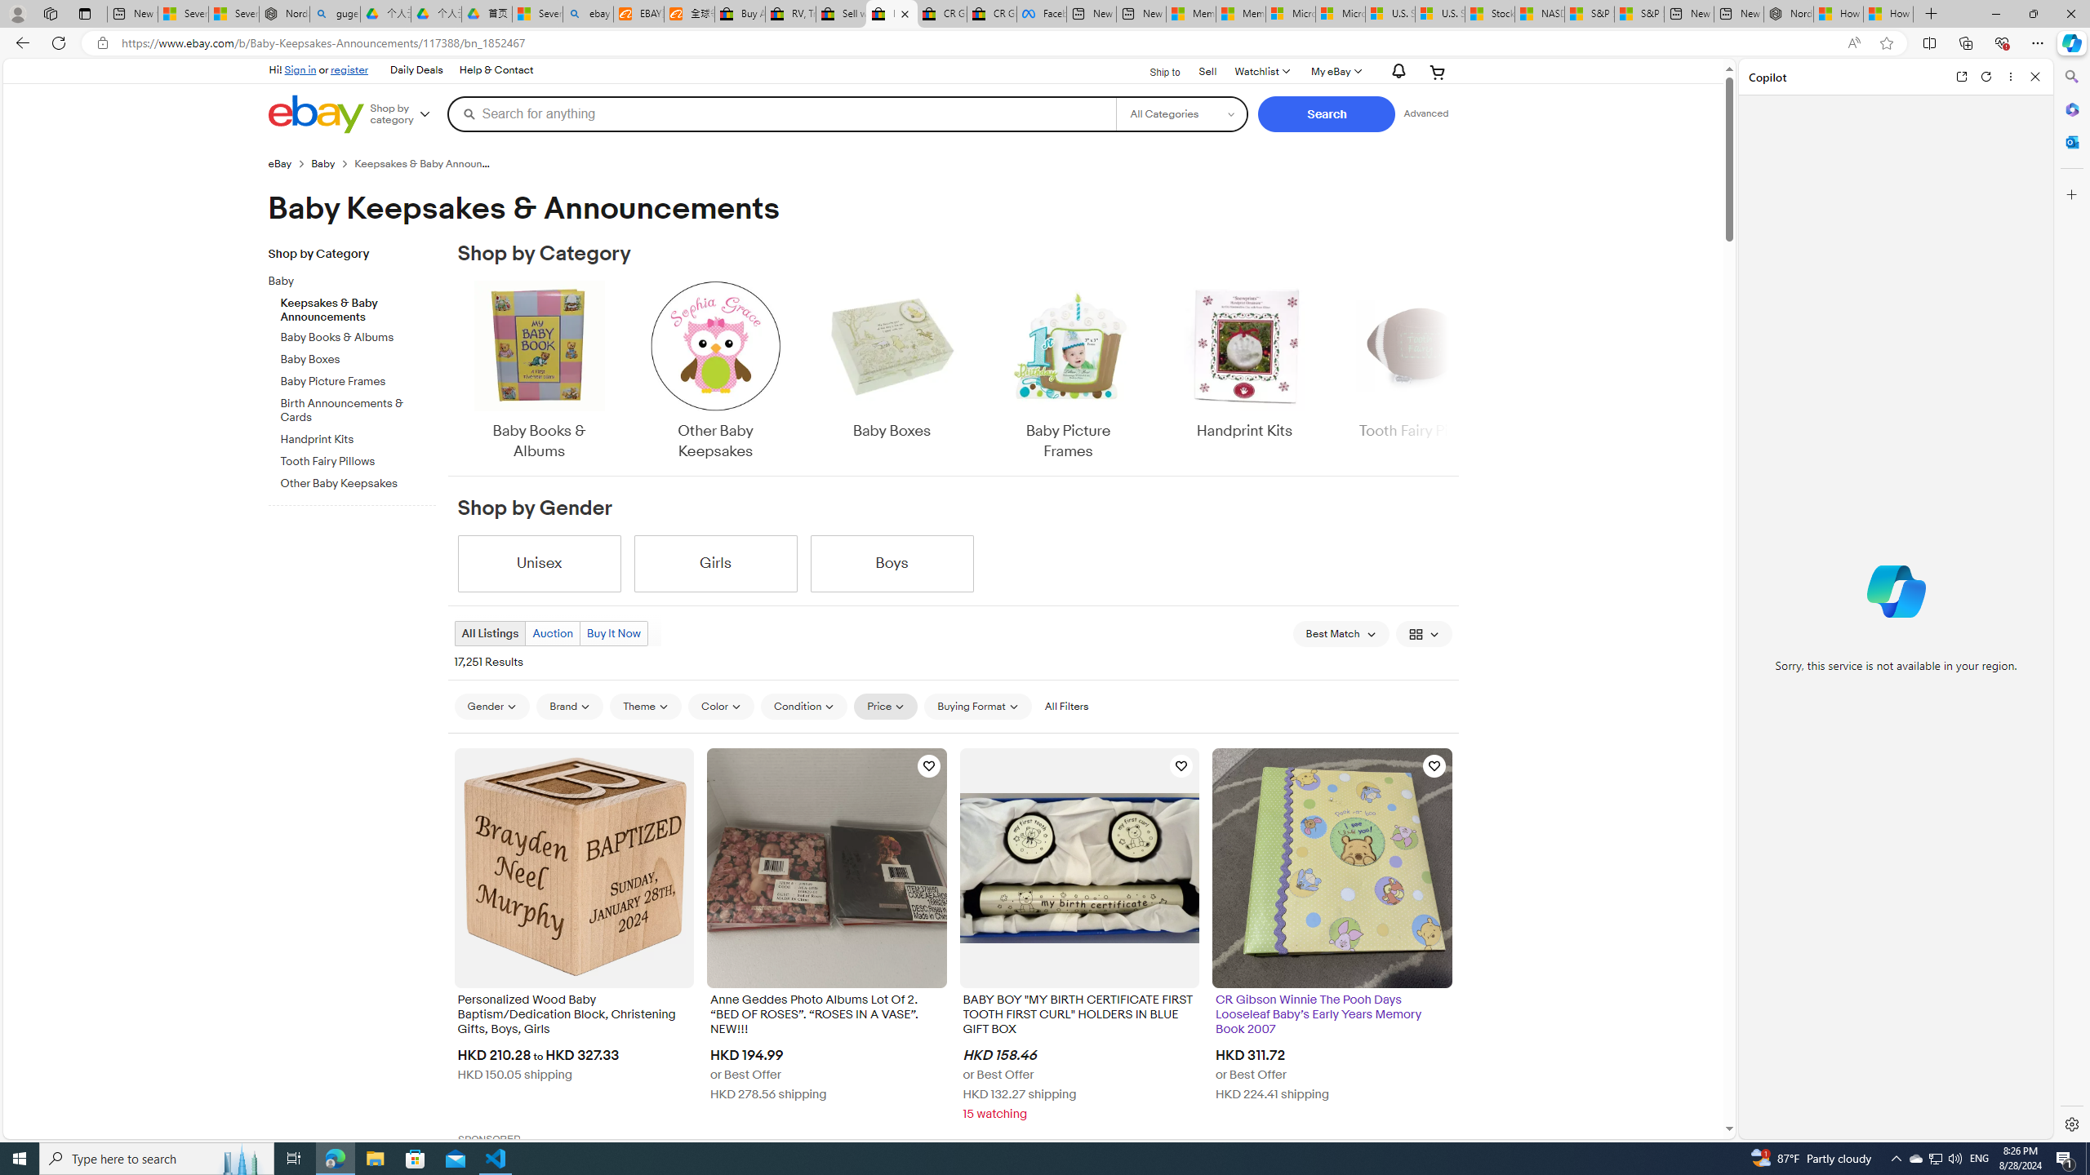 The width and height of the screenshot is (2090, 1175). I want to click on 'All Listings', so click(489, 632).